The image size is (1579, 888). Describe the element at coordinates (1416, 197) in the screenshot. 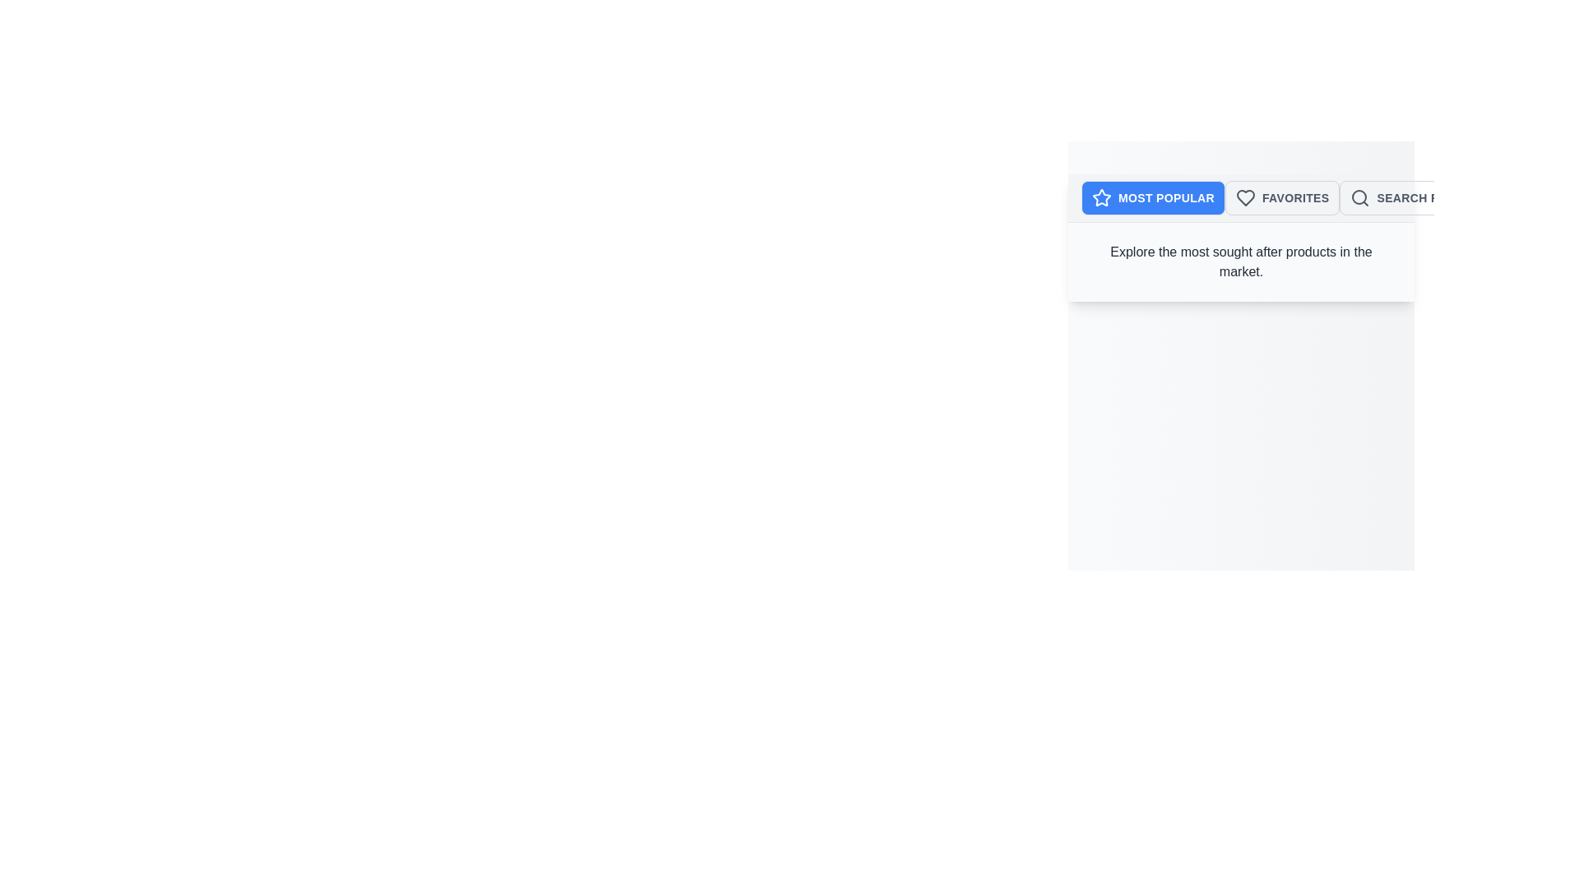

I see `the Search Results tab to explore the corresponding category` at that location.